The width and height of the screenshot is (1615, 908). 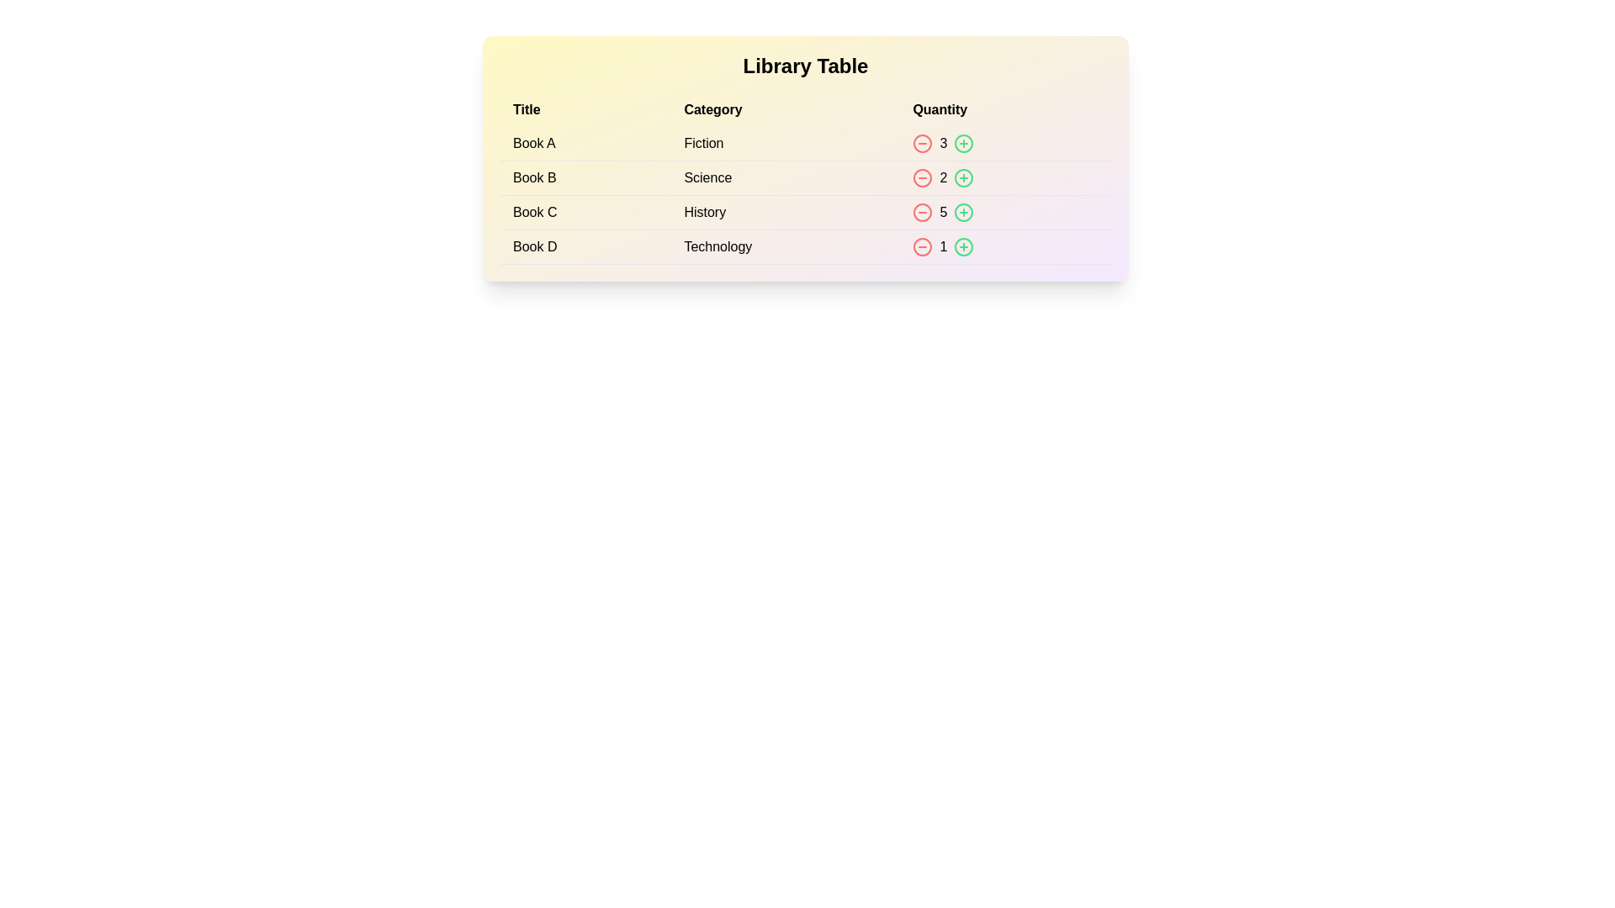 What do you see at coordinates (922, 212) in the screenshot?
I see `red minus button next to the book titled 'Book C' to decrease its quantity` at bounding box center [922, 212].